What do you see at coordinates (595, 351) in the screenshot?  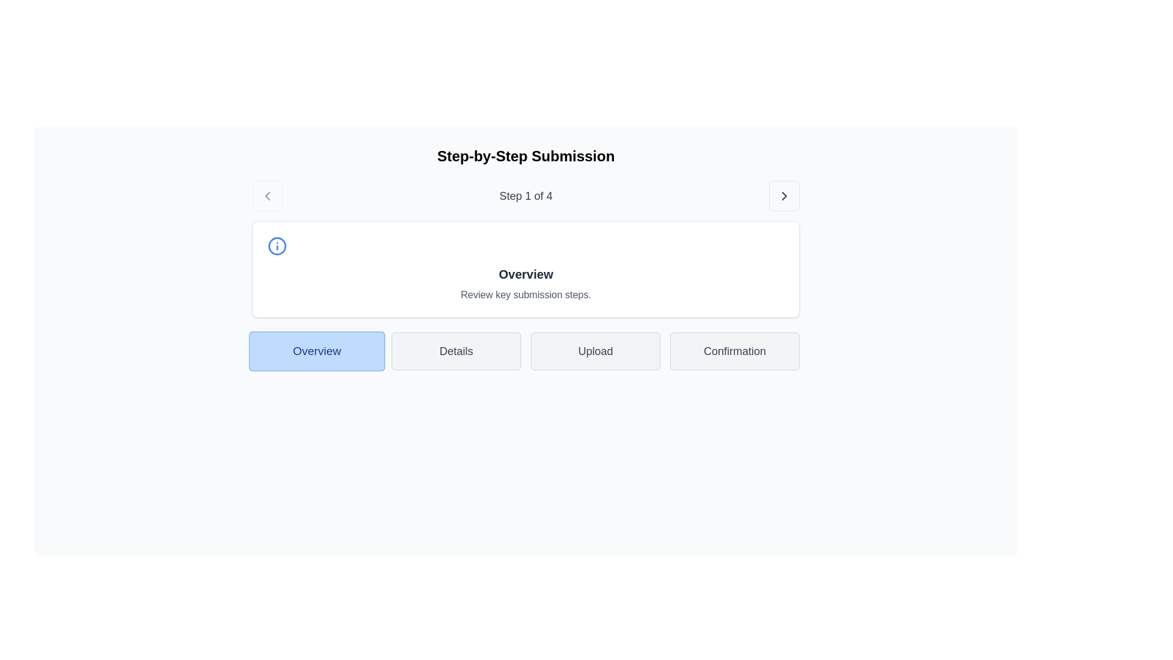 I see `the 'Upload' text label, which is the third button in the horizontal navigation row and styled prominently in bold medium font` at bounding box center [595, 351].